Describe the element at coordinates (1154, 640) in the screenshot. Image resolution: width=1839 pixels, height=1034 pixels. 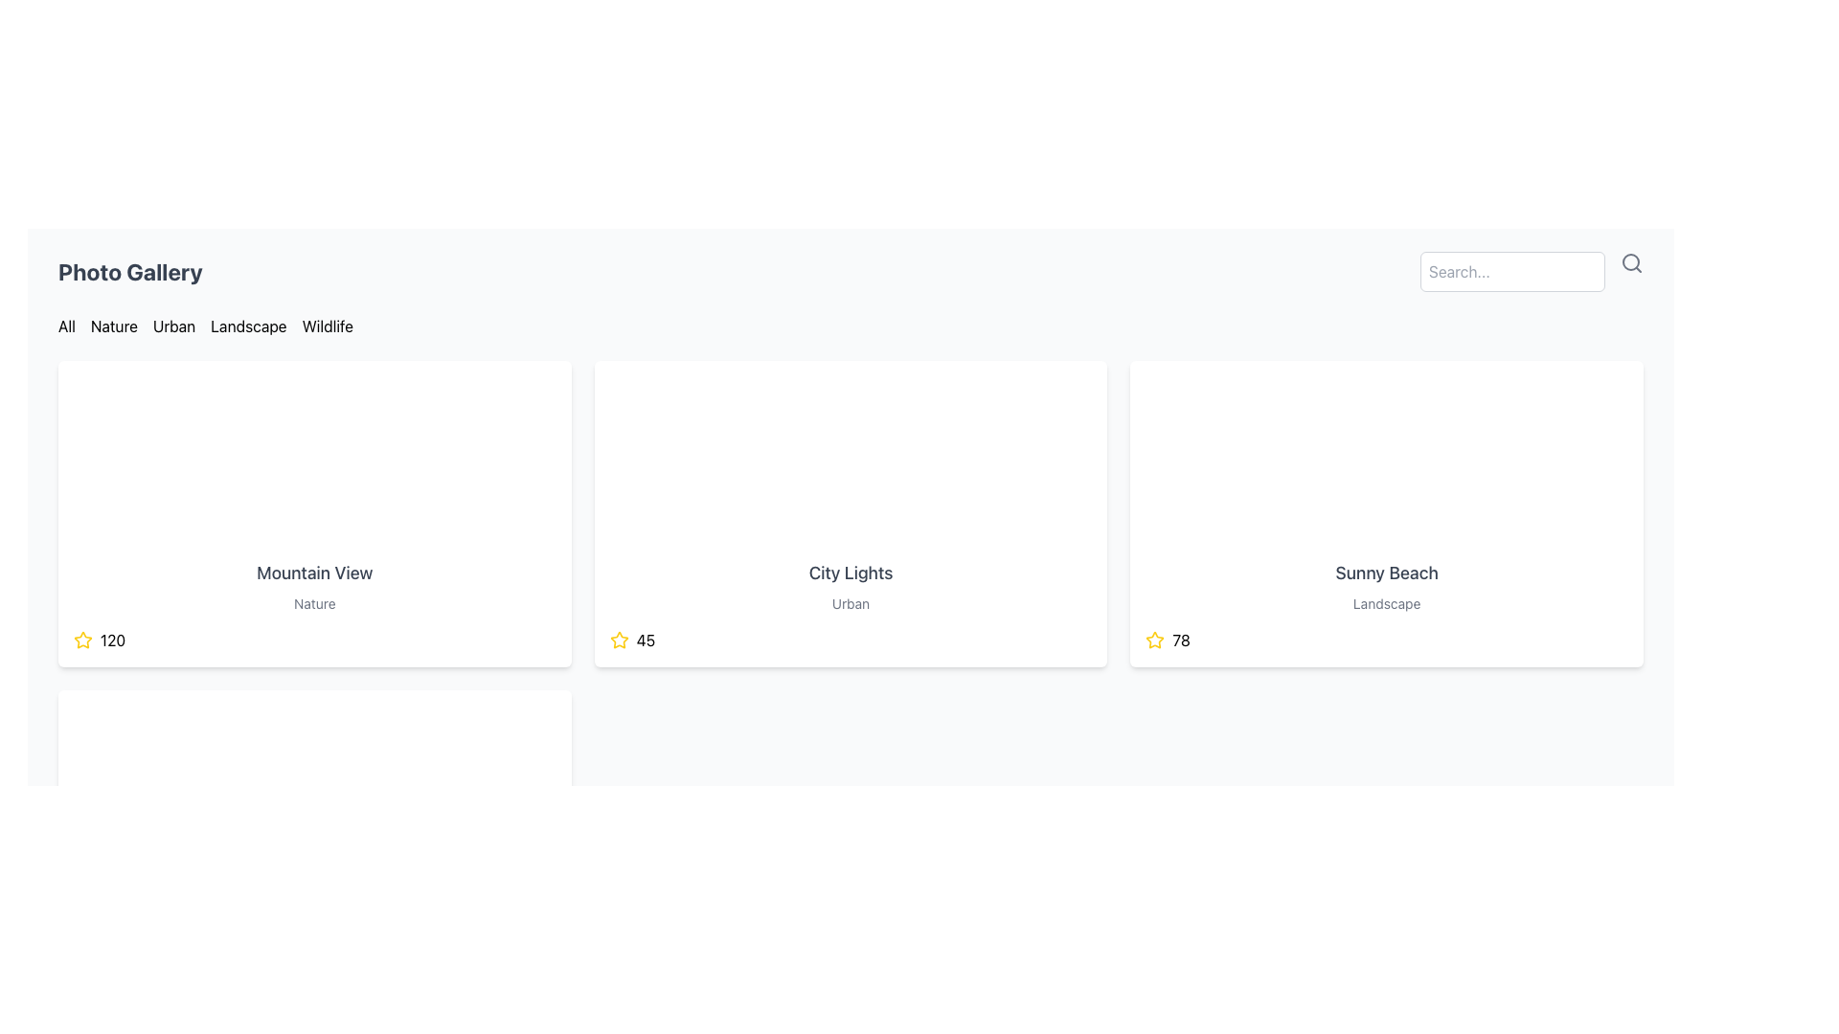
I see `the star icon located at the bottom-left corner of the 'Sunny Beach' card, next to the number '78', indicating a rating or favorite status` at that location.